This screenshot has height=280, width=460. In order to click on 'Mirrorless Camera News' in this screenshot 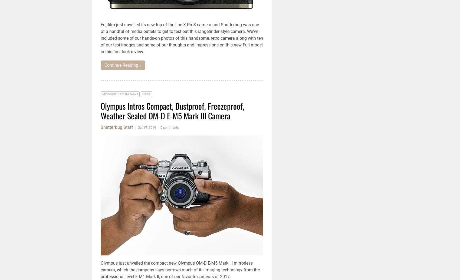, I will do `click(120, 94)`.